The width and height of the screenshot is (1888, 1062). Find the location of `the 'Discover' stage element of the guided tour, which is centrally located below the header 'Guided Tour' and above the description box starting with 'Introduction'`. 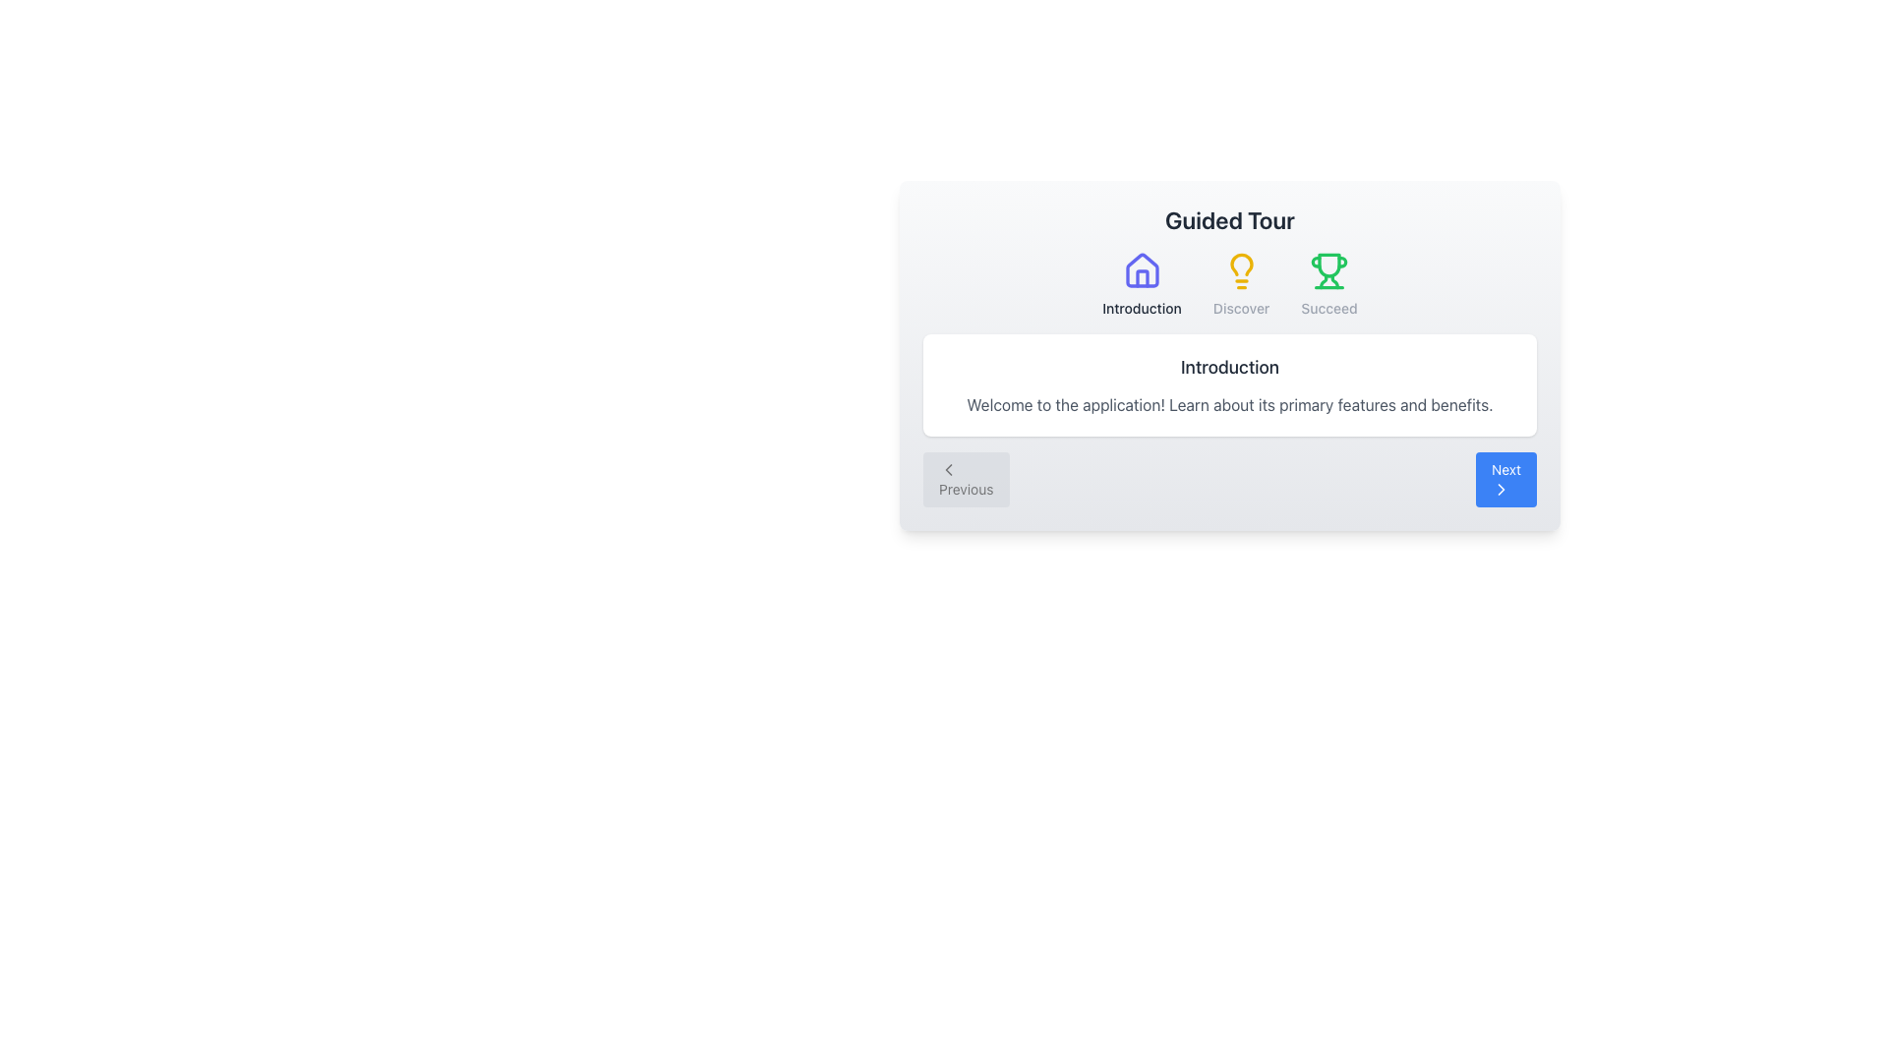

the 'Discover' stage element of the guided tour, which is centrally located below the header 'Guided Tour' and above the description box starting with 'Introduction' is located at coordinates (1229, 284).